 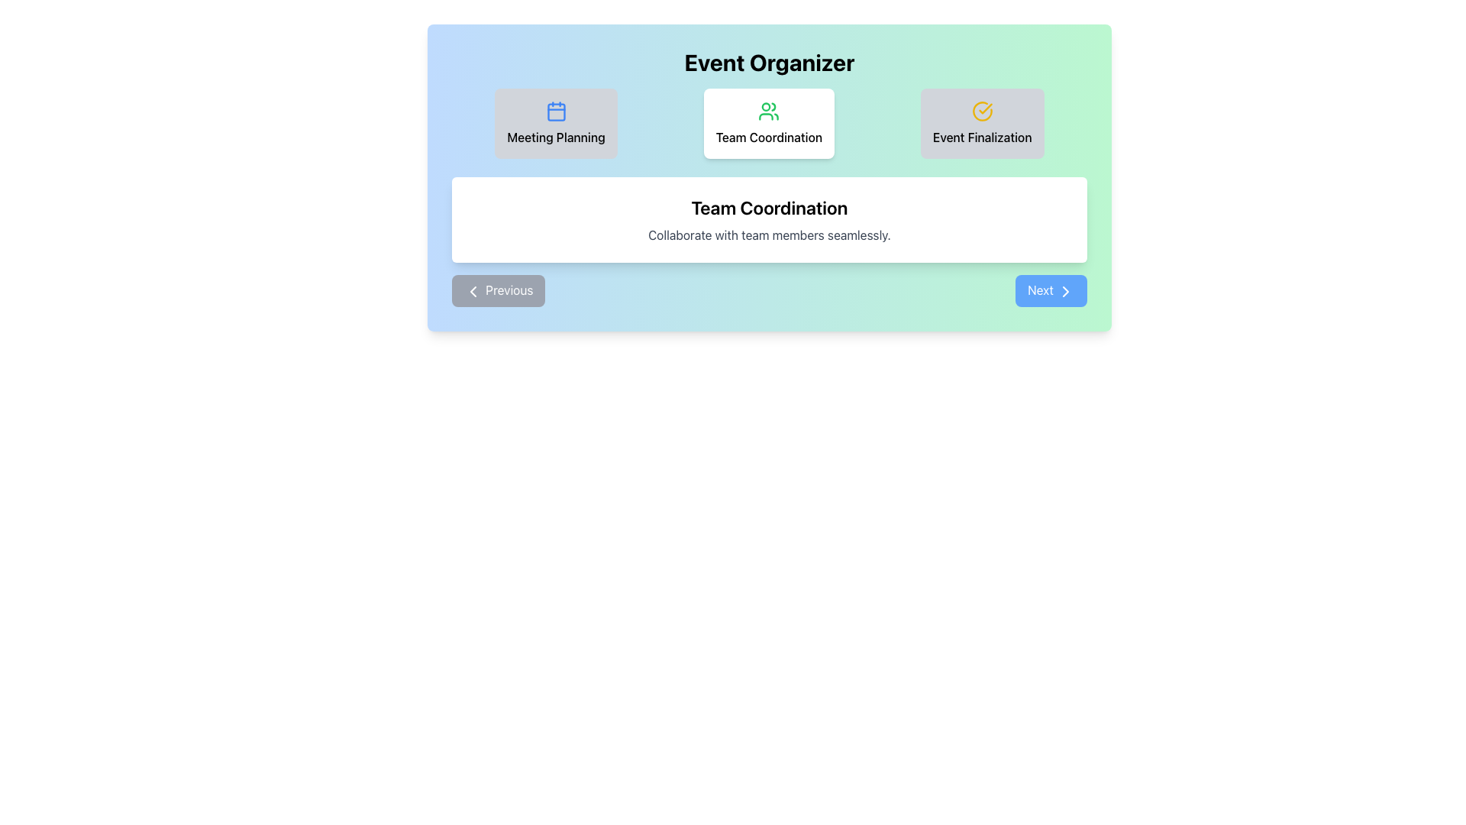 What do you see at coordinates (1051, 290) in the screenshot?
I see `the blue rectangular 'Next' button with rounded corners` at bounding box center [1051, 290].